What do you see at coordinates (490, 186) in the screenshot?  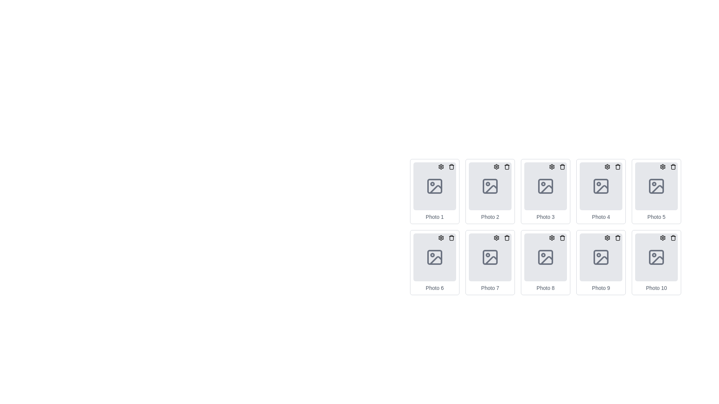 I see `the graphic/icon depicting an image placeholder with a light gray background and a darker gray border, which is the second item in the first row of icons, for repositioning` at bounding box center [490, 186].